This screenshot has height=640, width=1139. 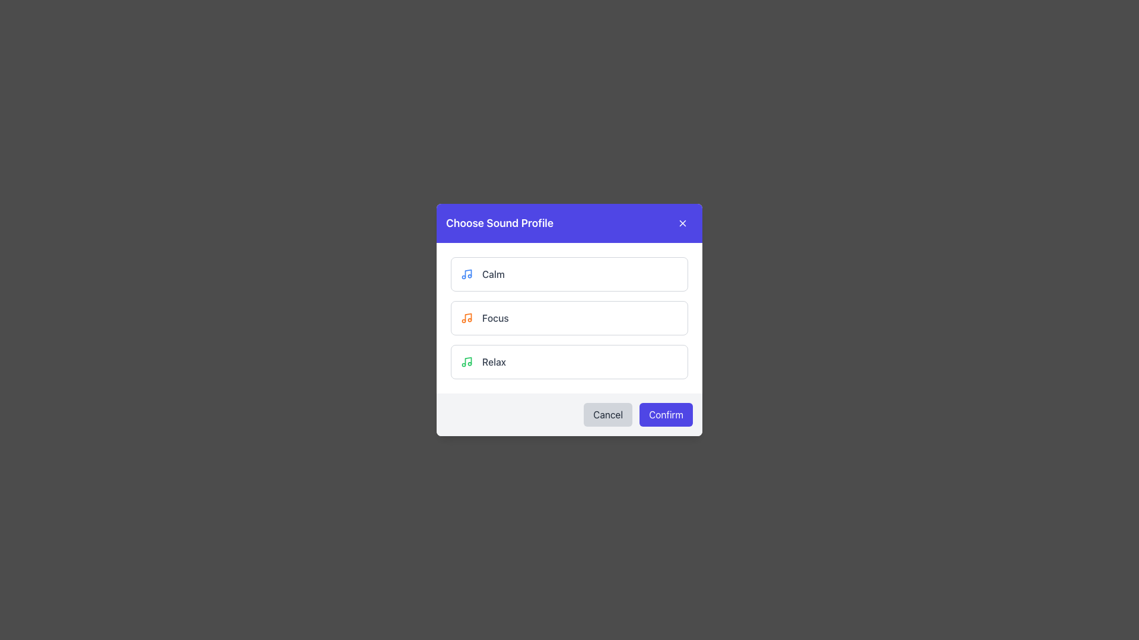 I want to click on the button-like list item for selecting the 'Focus' sound profile option in the modal dialog titled 'Choose Sound Profile', so click(x=569, y=317).